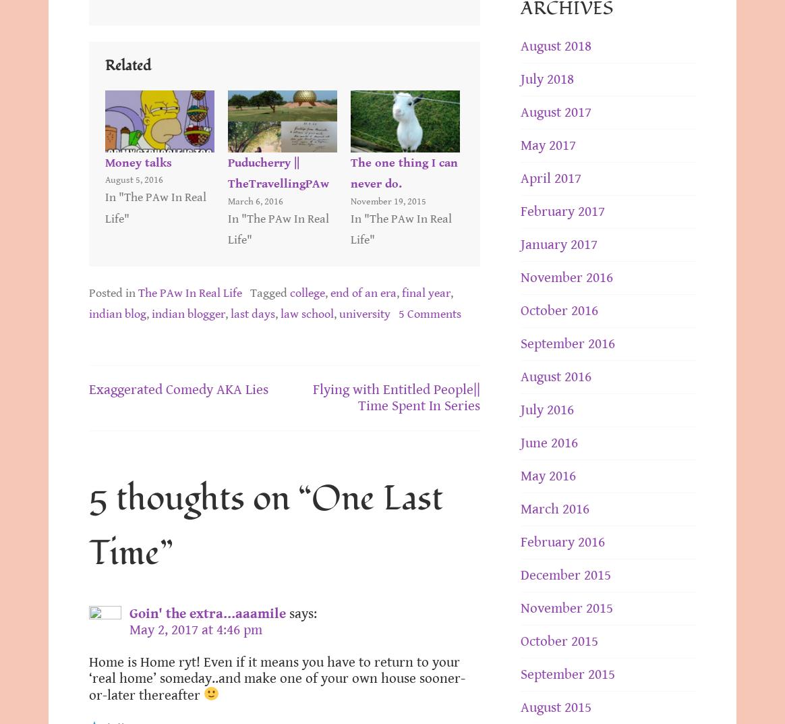 Image resolution: width=785 pixels, height=724 pixels. I want to click on 'December 2015', so click(565, 575).